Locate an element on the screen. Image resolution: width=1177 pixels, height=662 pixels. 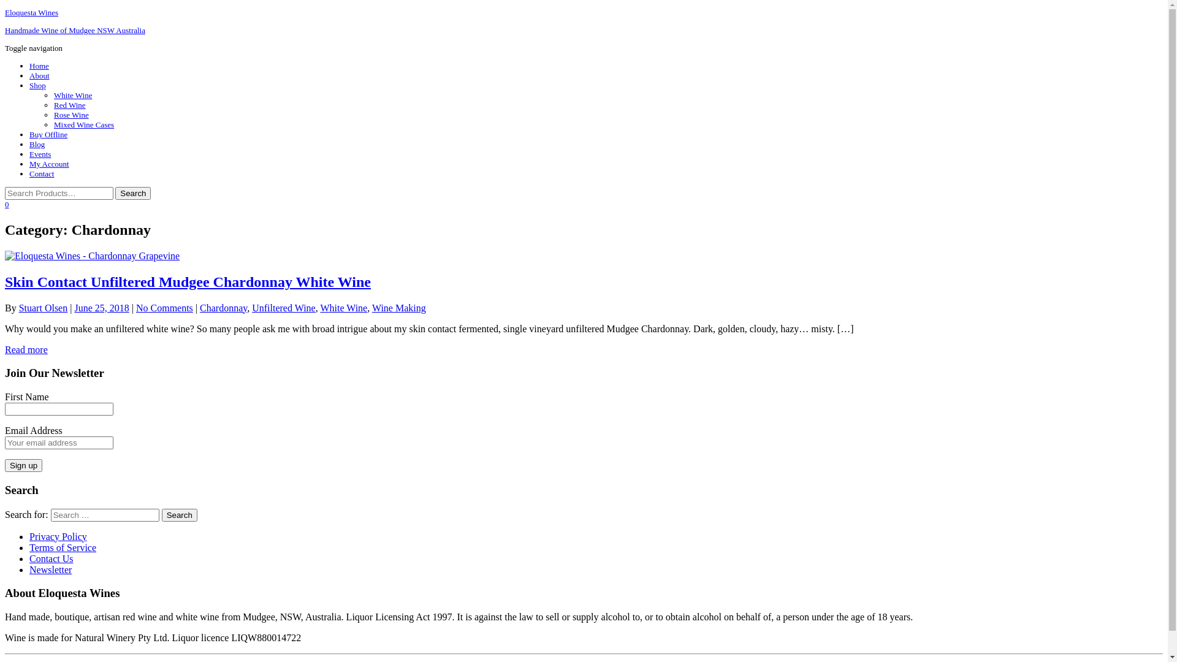
'Home' is located at coordinates (39, 66).